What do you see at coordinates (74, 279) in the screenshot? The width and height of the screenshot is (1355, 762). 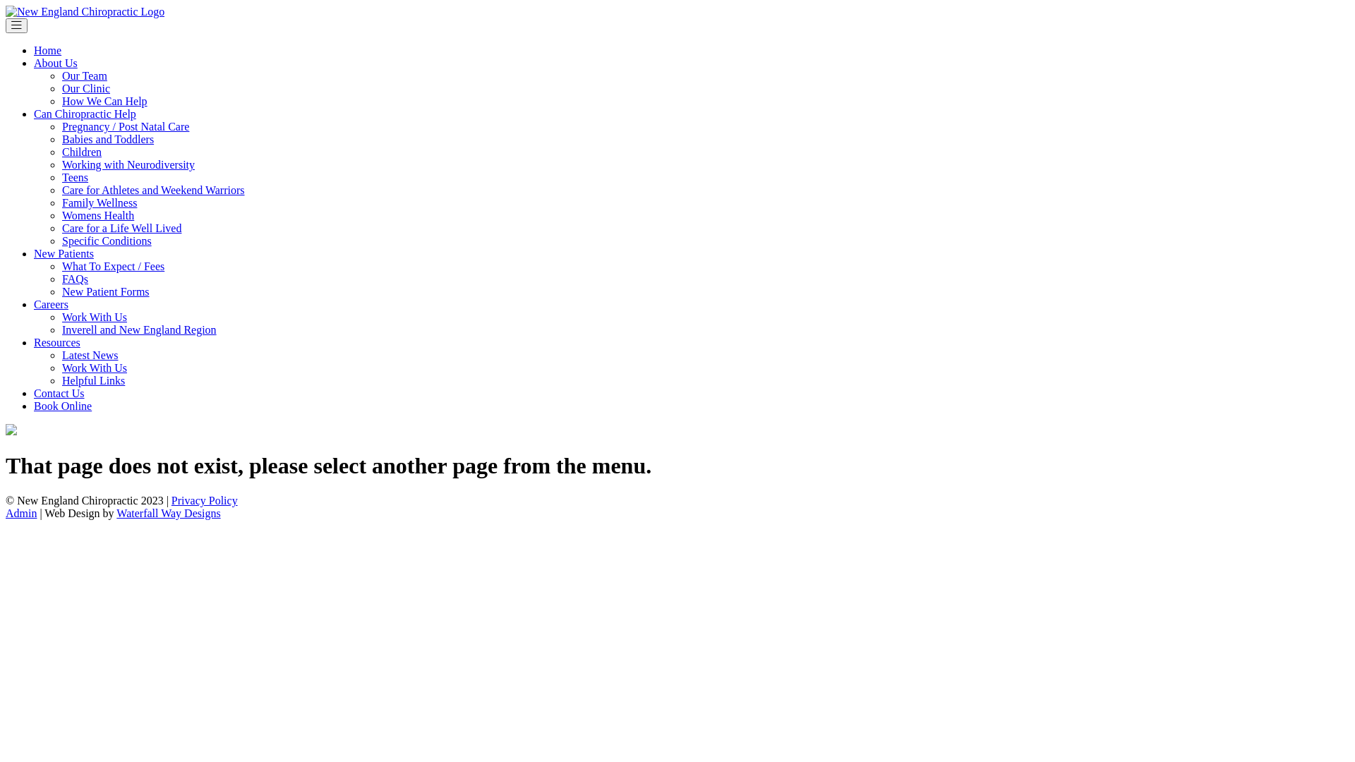 I see `'FAQs'` at bounding box center [74, 279].